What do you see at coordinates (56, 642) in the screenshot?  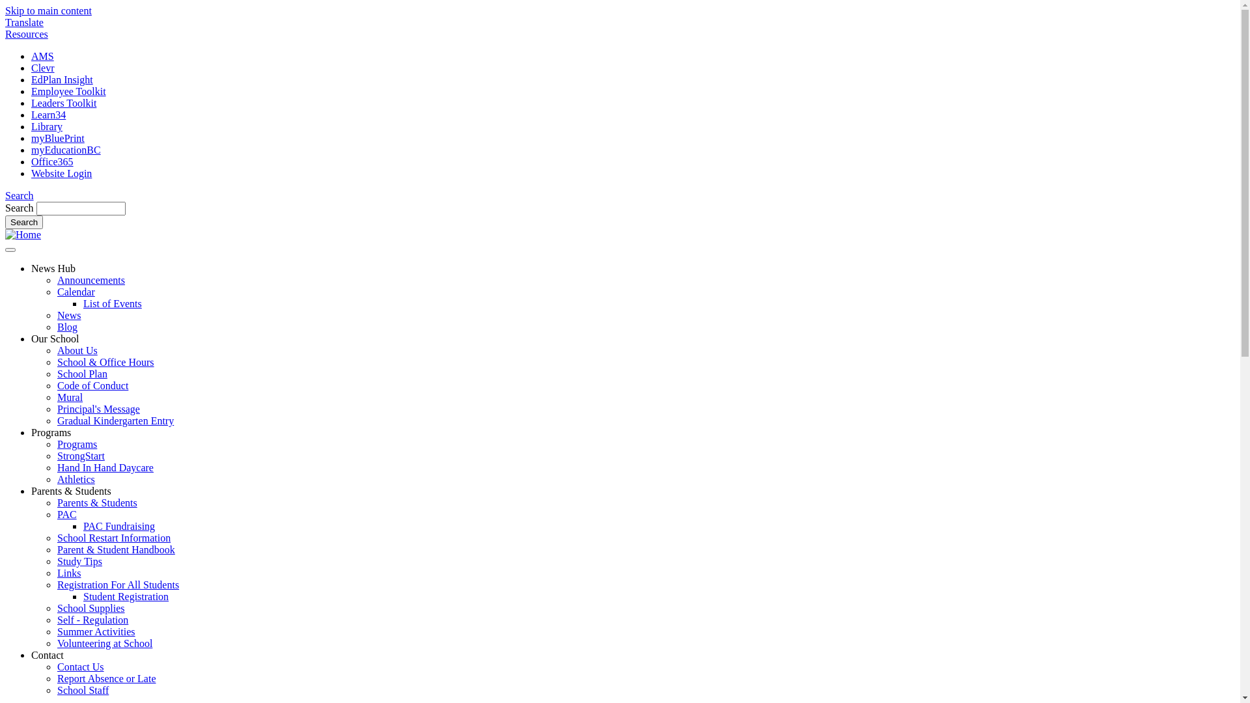 I see `'Volunteering at School'` at bounding box center [56, 642].